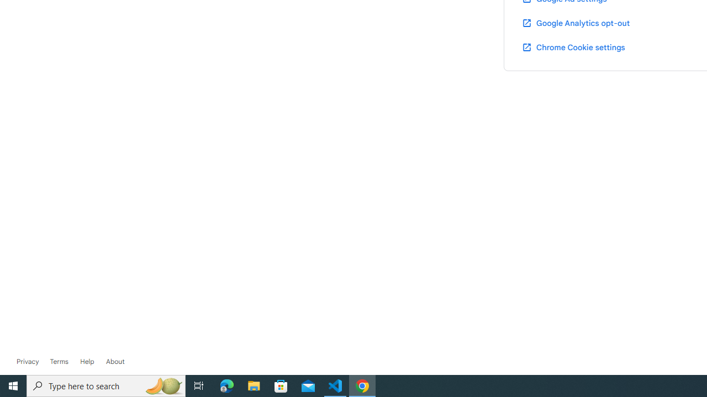 The image size is (707, 397). Describe the element at coordinates (254, 385) in the screenshot. I see `'File Explorer'` at that location.